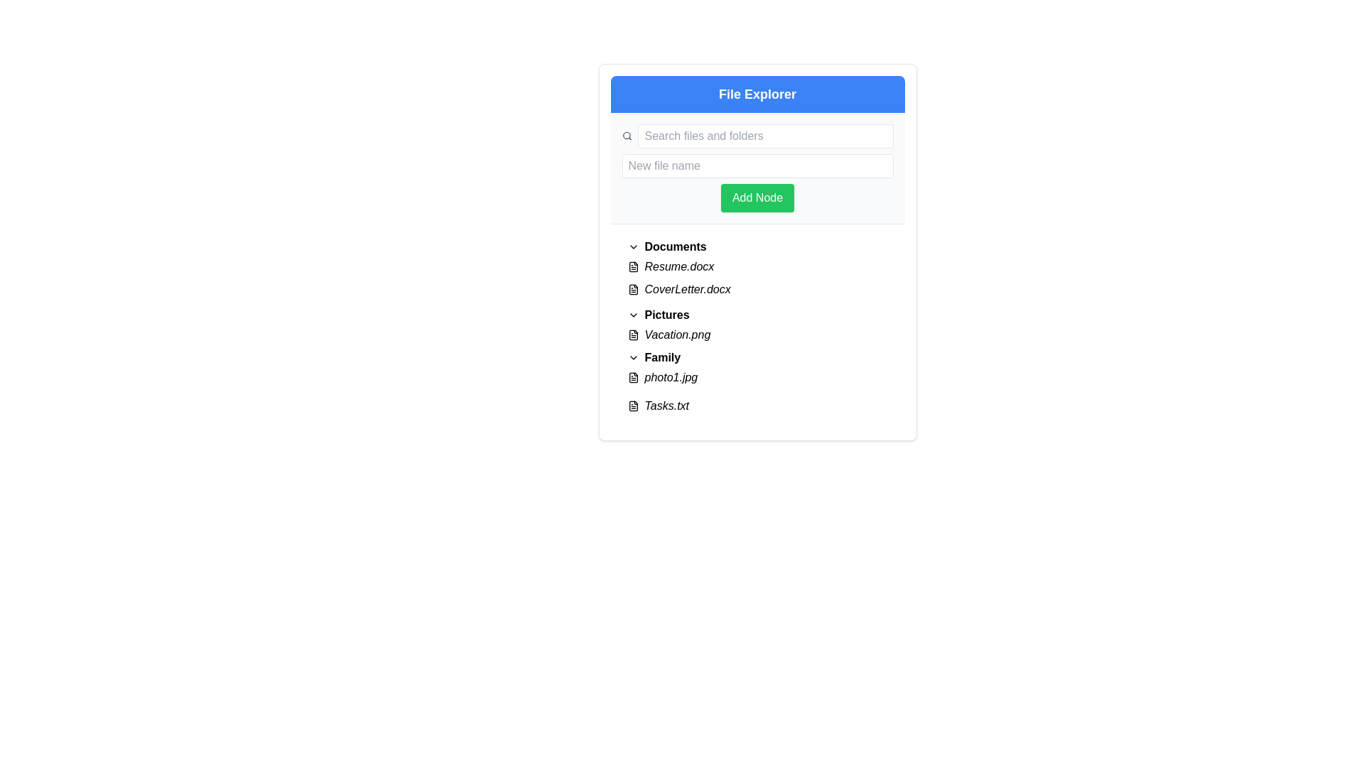 This screenshot has height=767, width=1364. I want to click on the Header or Title Bar which has a blue background, rounded top corners, and displays the text 'File Explorer' in white, bold font, so click(757, 94).